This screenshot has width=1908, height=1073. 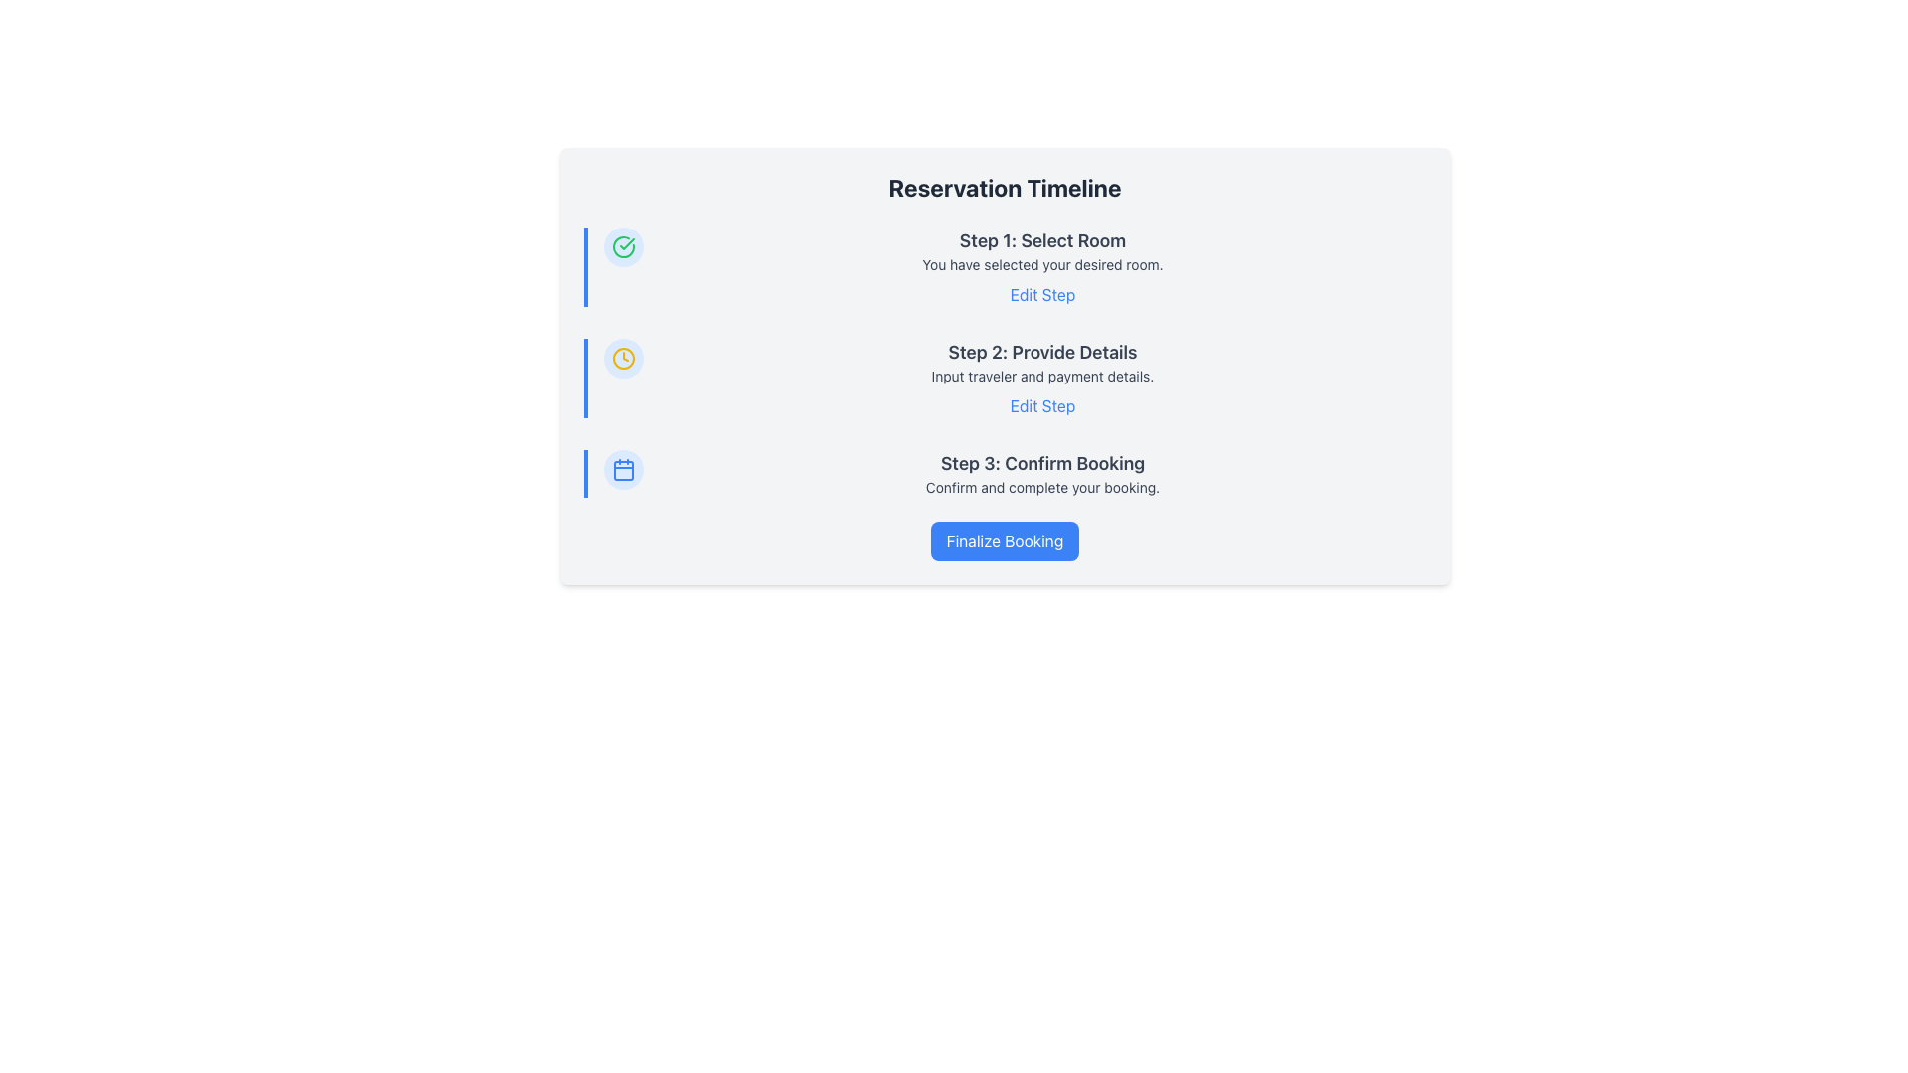 What do you see at coordinates (622, 470) in the screenshot?
I see `the circular icon with a light blue background featuring a calendar graphic, located in the left segment of the 'Step 3: Confirm Booking' section, to visually recognize it` at bounding box center [622, 470].